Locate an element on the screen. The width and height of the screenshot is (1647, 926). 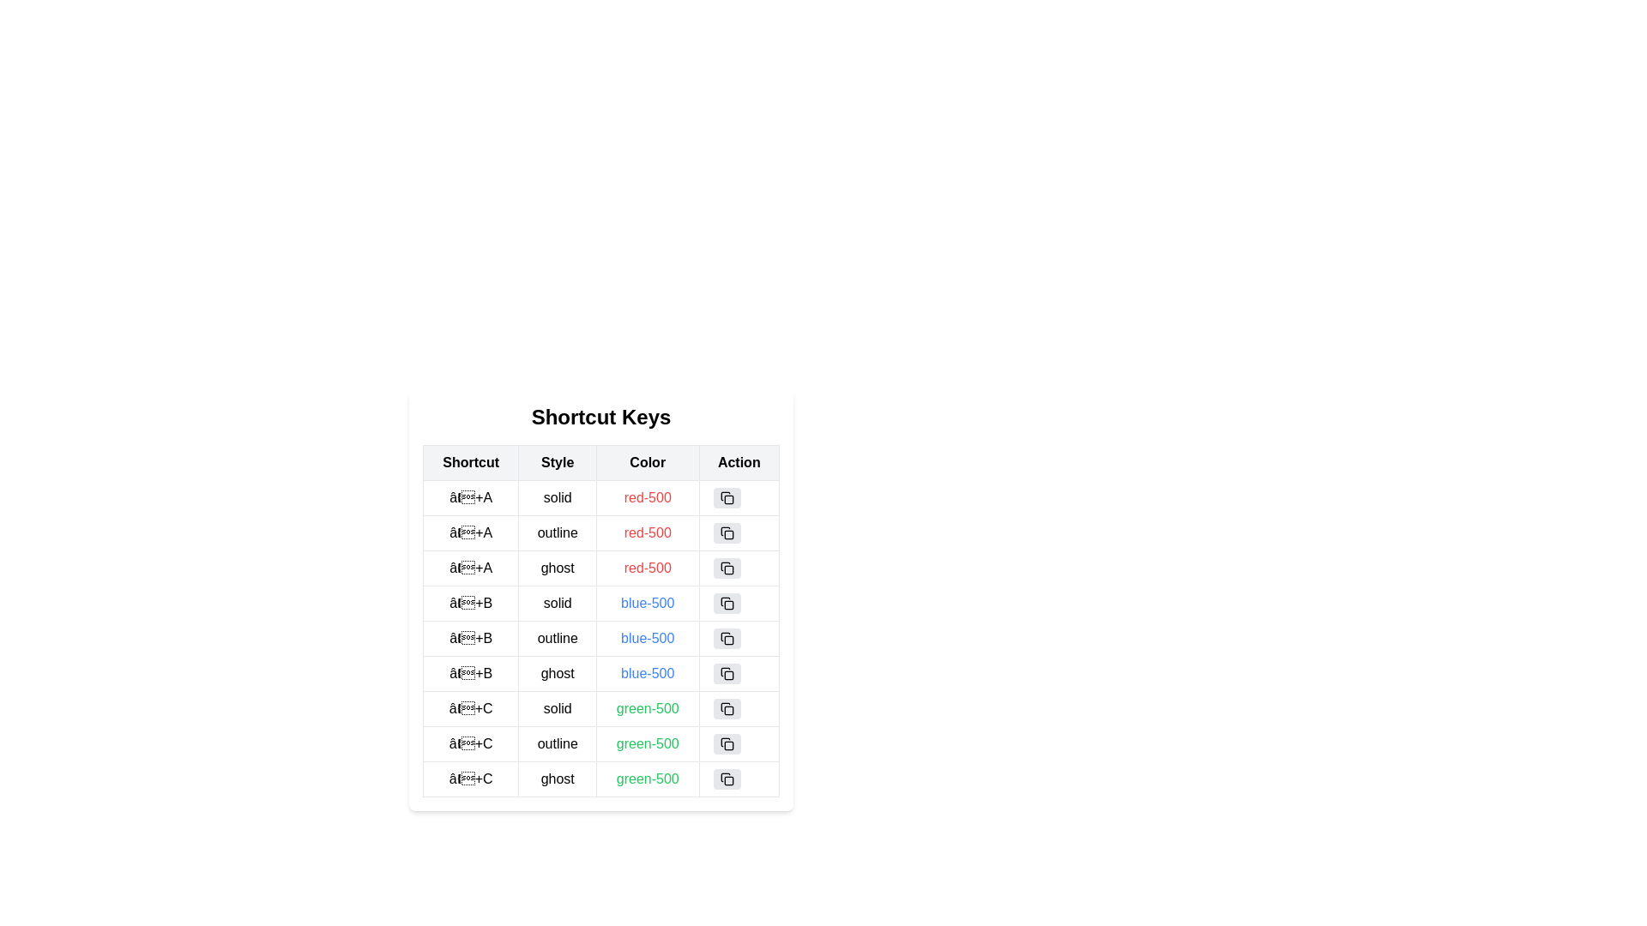
the green outline copy icon button located in the 'Action' column of the table row where the 'Shortcut' column reads 'Ctrl+C' to copy the content is located at coordinates (727, 743).